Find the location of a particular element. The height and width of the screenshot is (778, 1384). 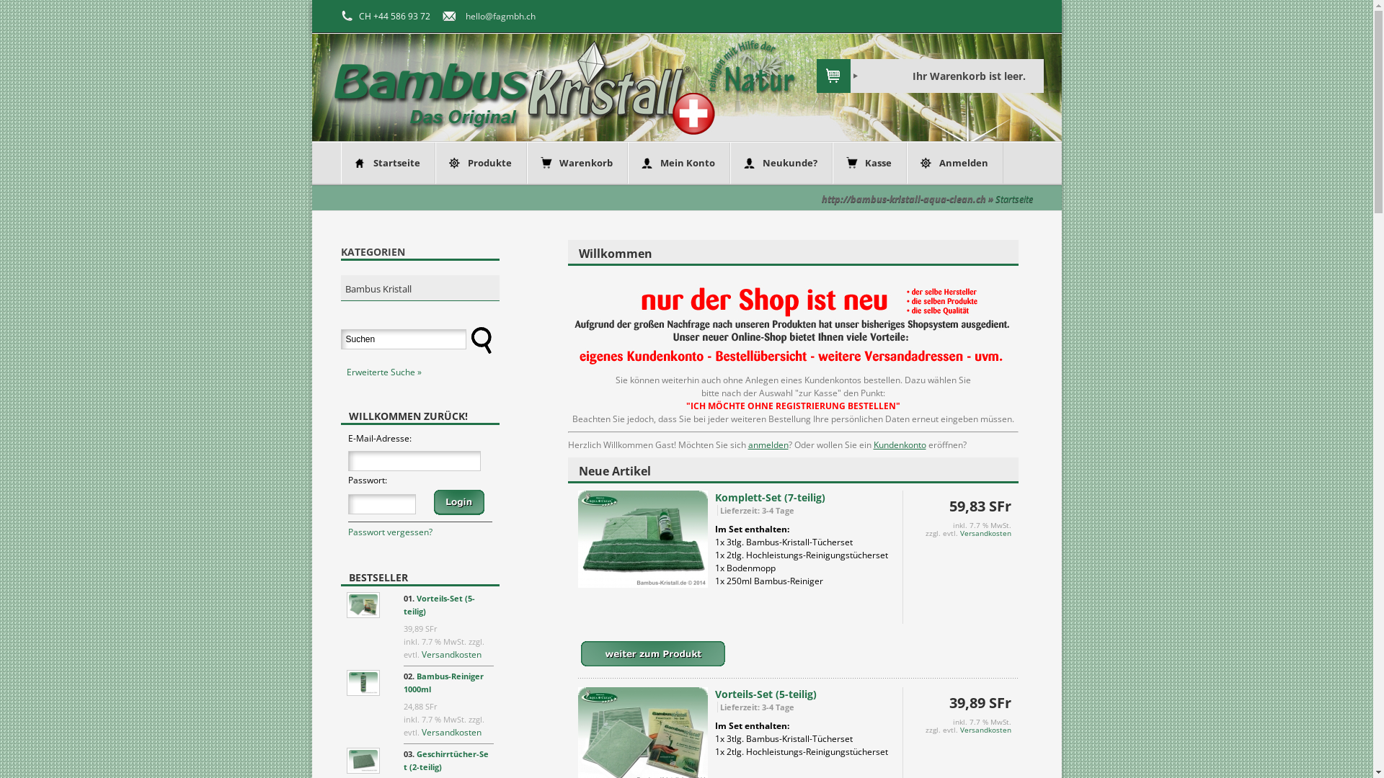

'Passwort vergessen?' is located at coordinates (389, 532).